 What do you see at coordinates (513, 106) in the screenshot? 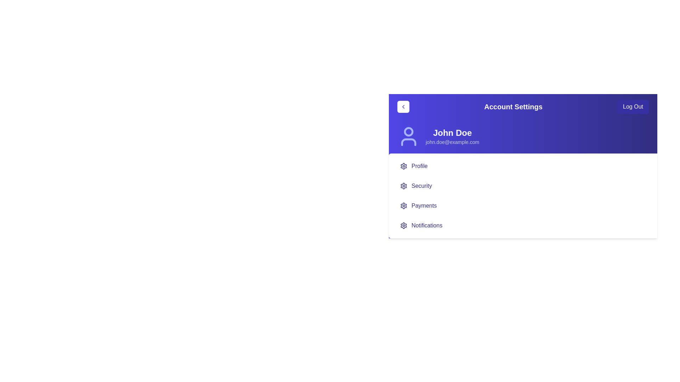
I see `the 'Account Settings' text label, which serves as a heading indicating the current section of the application` at bounding box center [513, 106].